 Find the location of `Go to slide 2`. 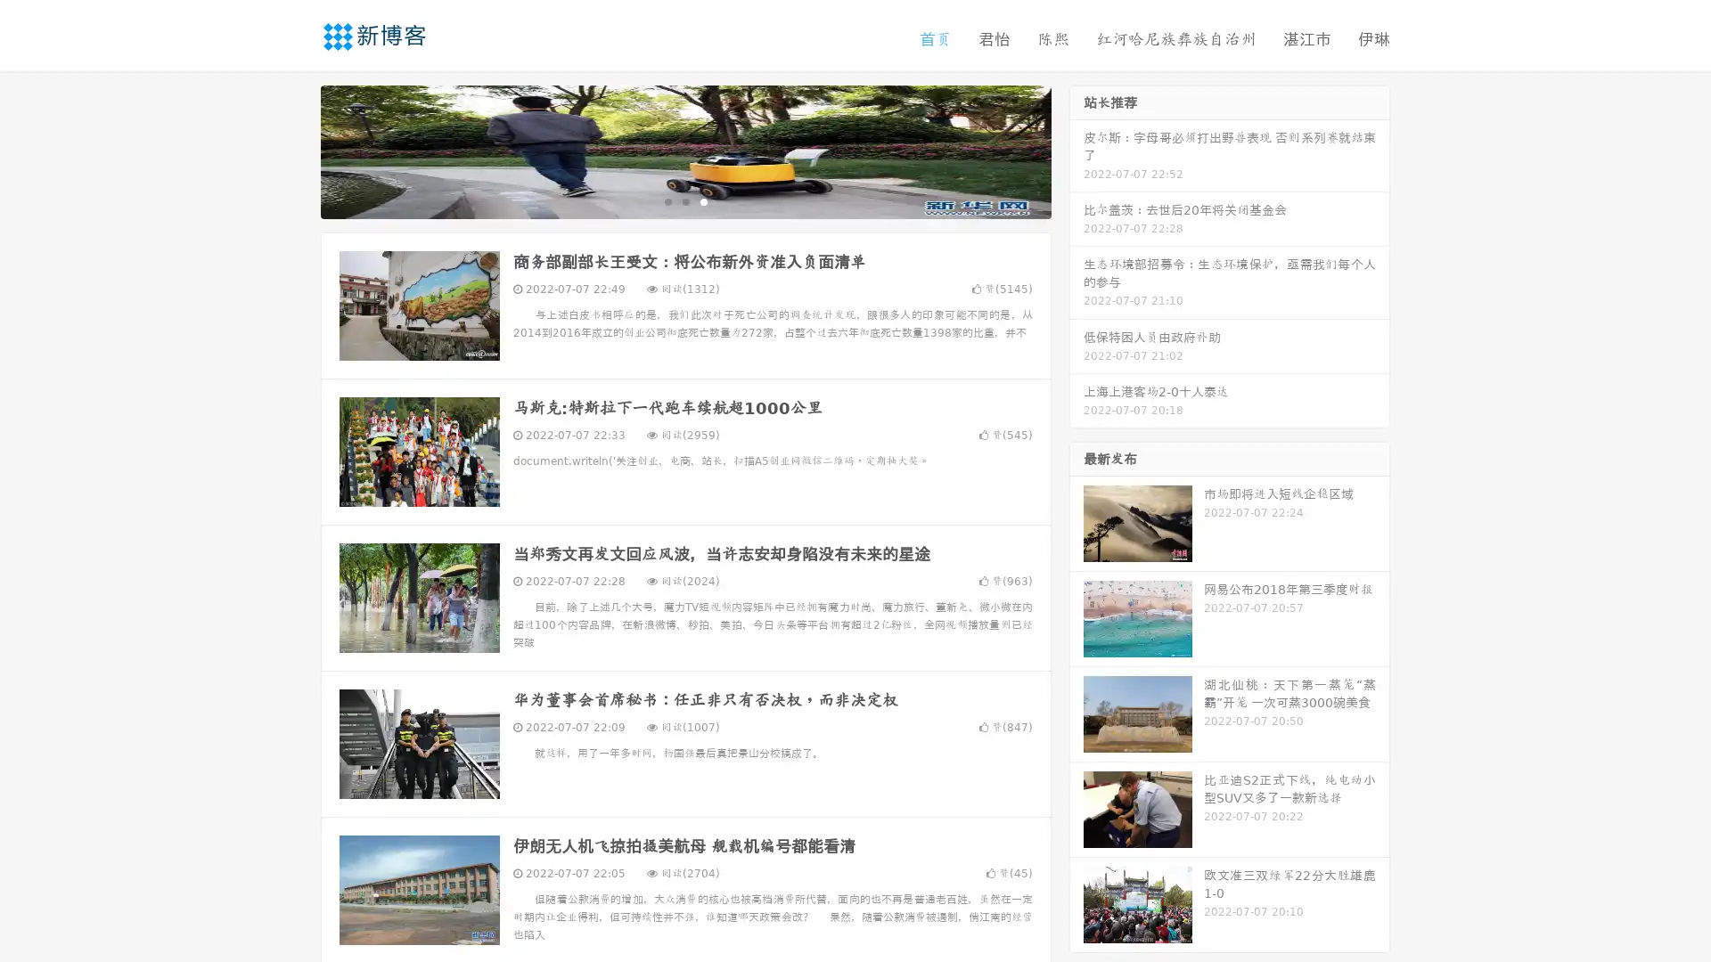

Go to slide 2 is located at coordinates (684, 200).